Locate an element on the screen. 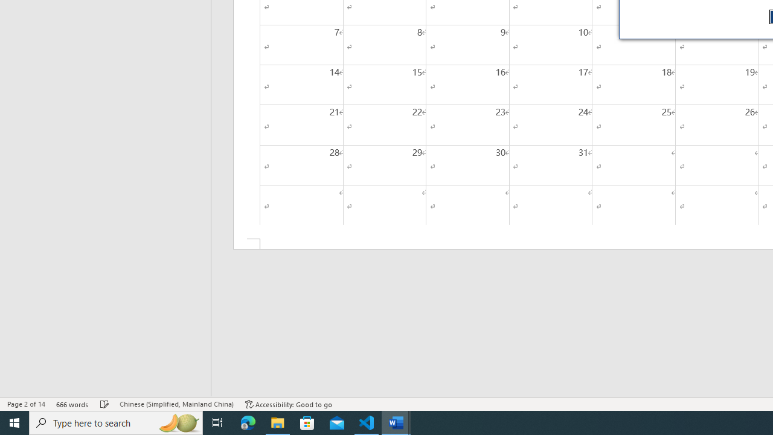  'Word Count 666 words' is located at coordinates (72, 404).